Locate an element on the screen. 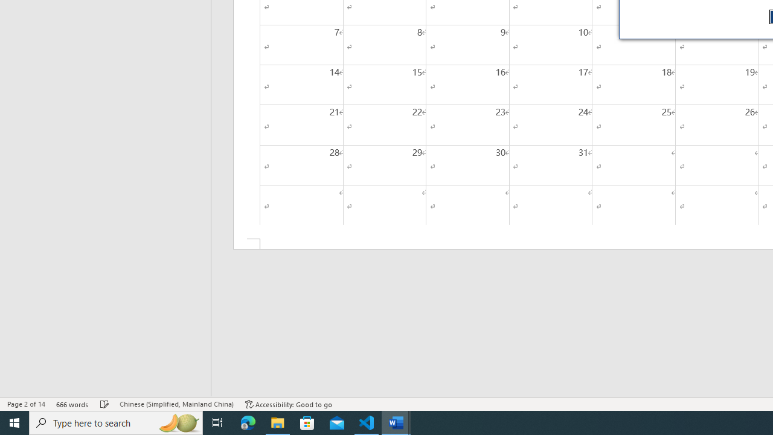  'Word Count 666 words' is located at coordinates (72, 404).